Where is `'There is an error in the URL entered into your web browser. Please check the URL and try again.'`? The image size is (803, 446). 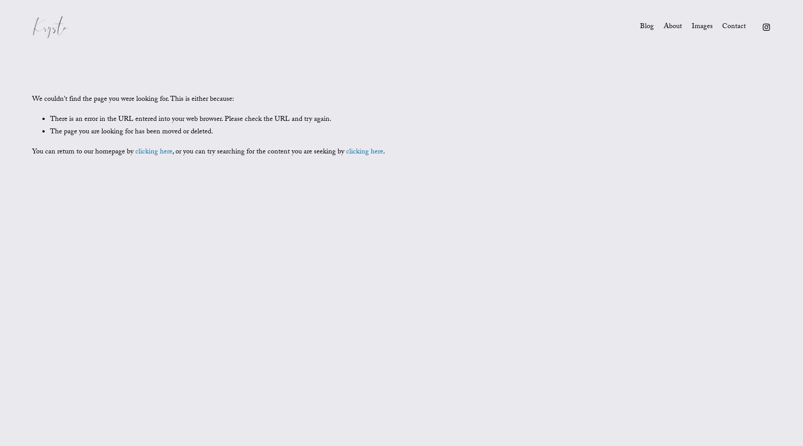 'There is an error in the URL entered into your web browser. Please check the URL and try again.' is located at coordinates (189, 119).